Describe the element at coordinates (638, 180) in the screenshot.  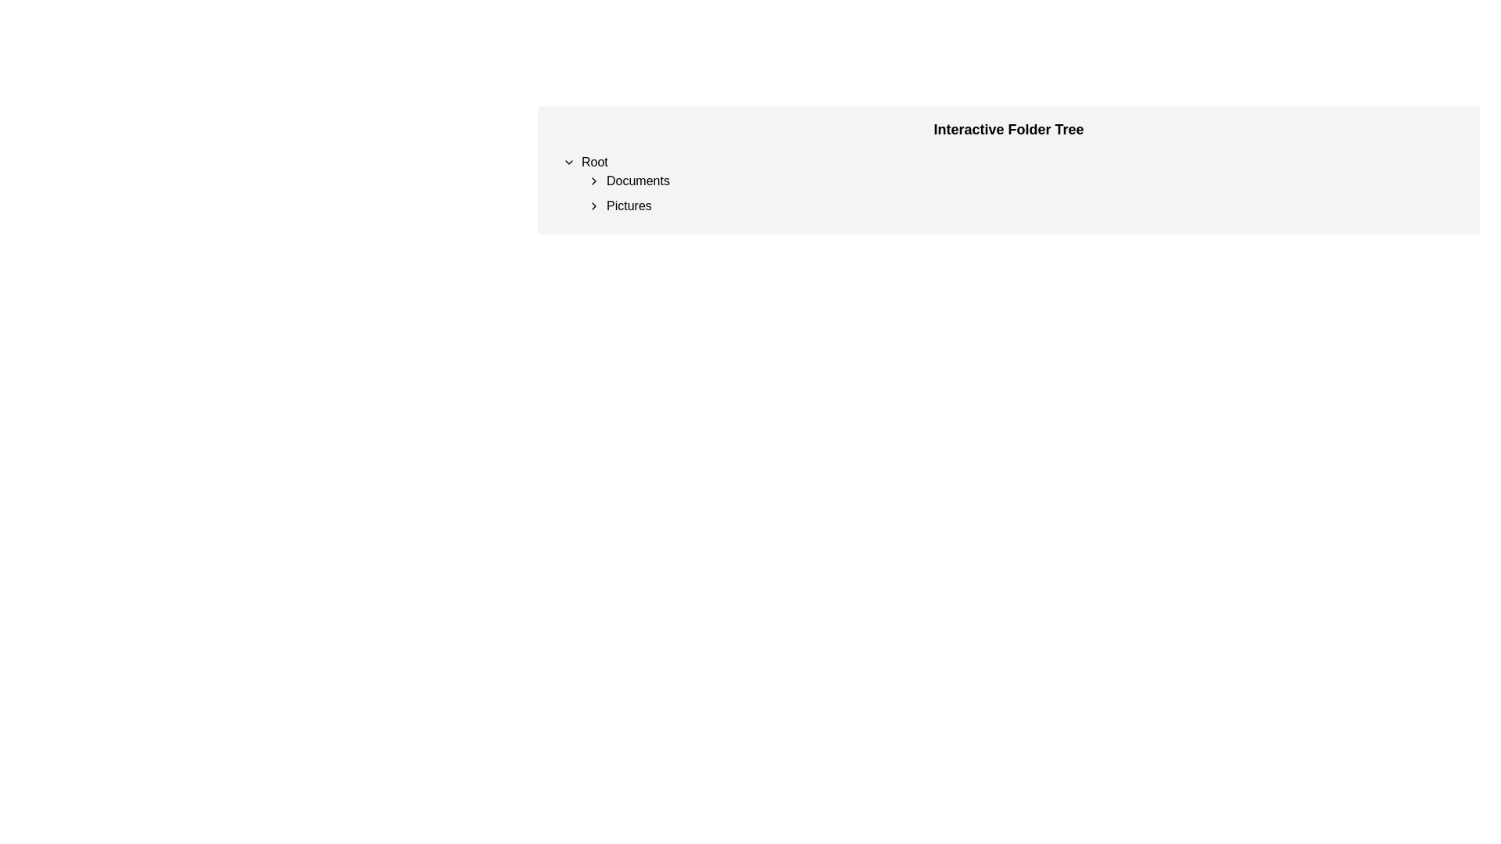
I see `text label 'Documents' which is the second item under the 'Root' label in the folder tree layout` at that location.